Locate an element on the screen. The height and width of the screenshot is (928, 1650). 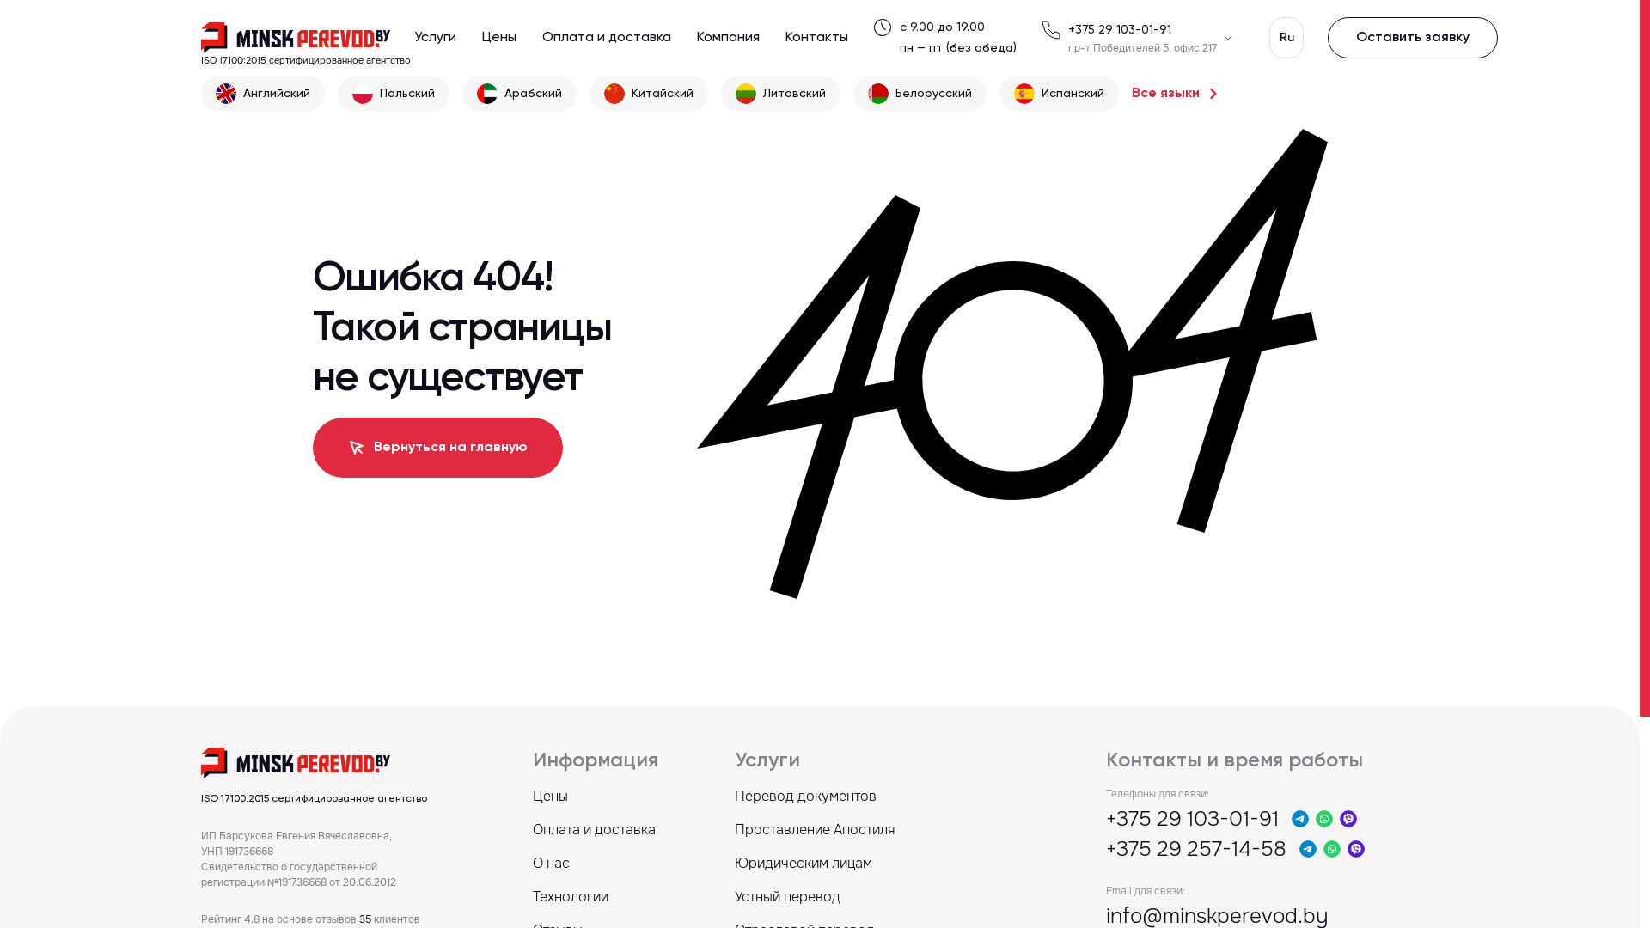
'+375 29 103-01-91' is located at coordinates (1191, 817).